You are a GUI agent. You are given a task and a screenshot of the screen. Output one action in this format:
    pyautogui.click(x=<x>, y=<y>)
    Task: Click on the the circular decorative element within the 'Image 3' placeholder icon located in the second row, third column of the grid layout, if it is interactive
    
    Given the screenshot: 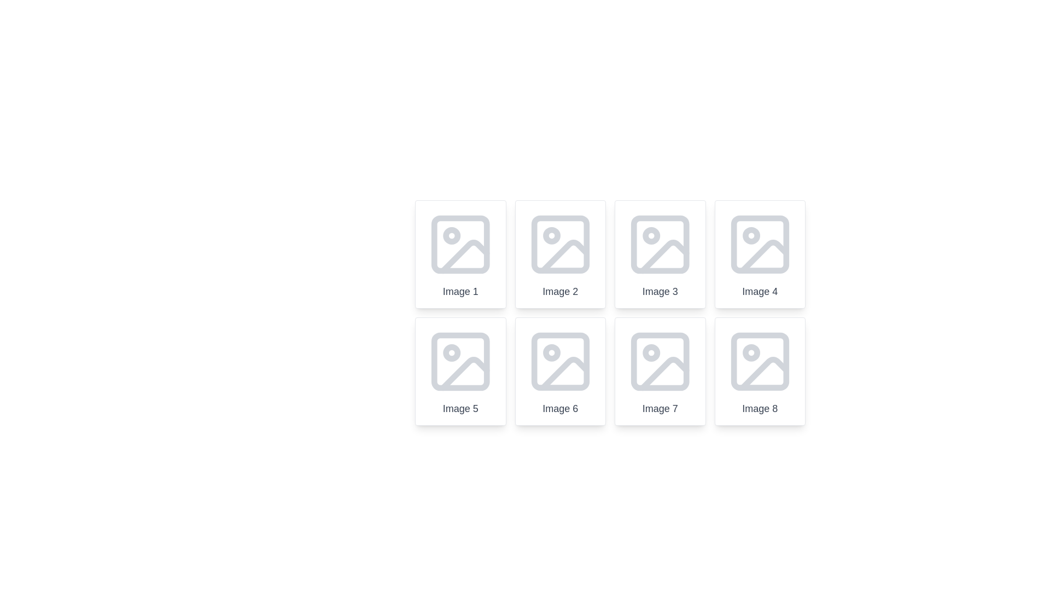 What is the action you would take?
    pyautogui.click(x=651, y=235)
    